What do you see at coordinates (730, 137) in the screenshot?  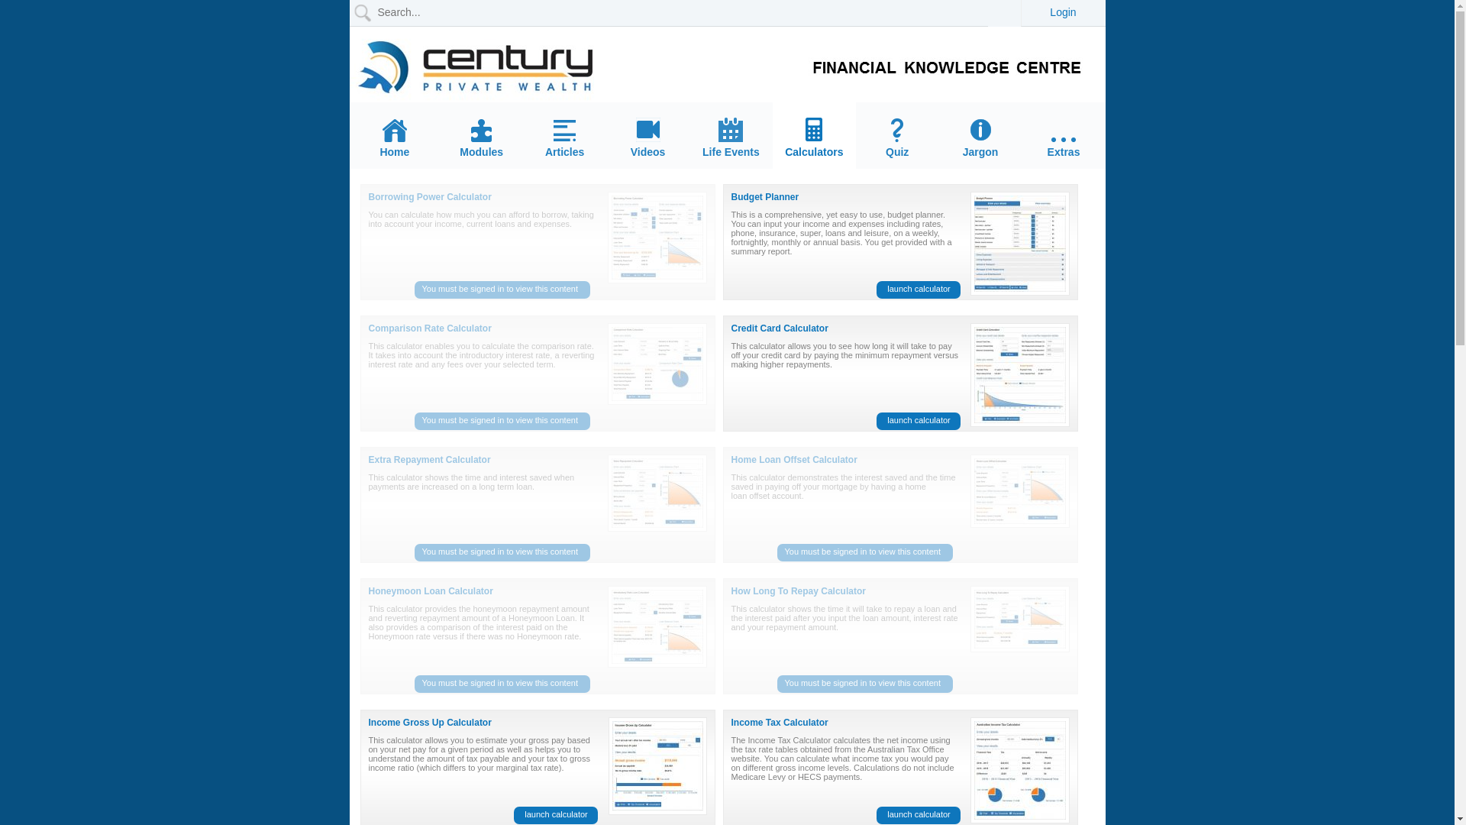 I see `'Life Events'` at bounding box center [730, 137].